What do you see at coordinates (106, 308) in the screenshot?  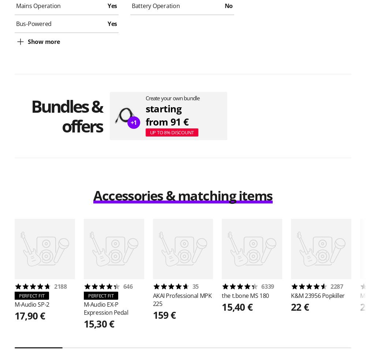 I see `'EX-P Expression Pedal'` at bounding box center [106, 308].